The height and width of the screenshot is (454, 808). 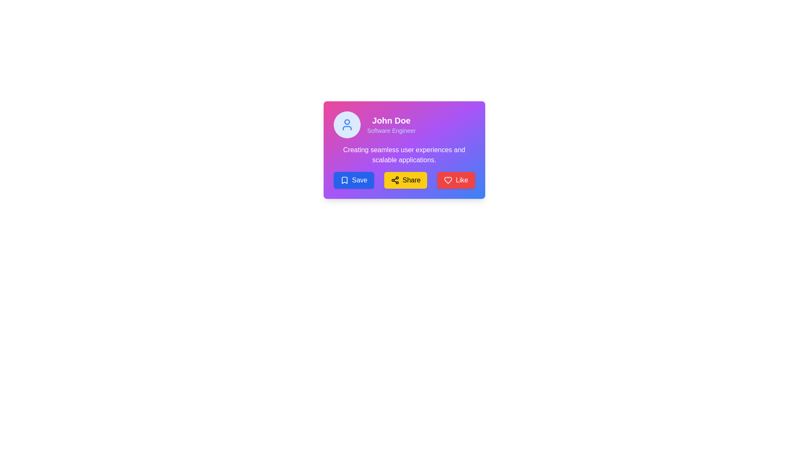 I want to click on the circular image icon representing the default profile picture of the user 'John Doe', so click(x=347, y=125).